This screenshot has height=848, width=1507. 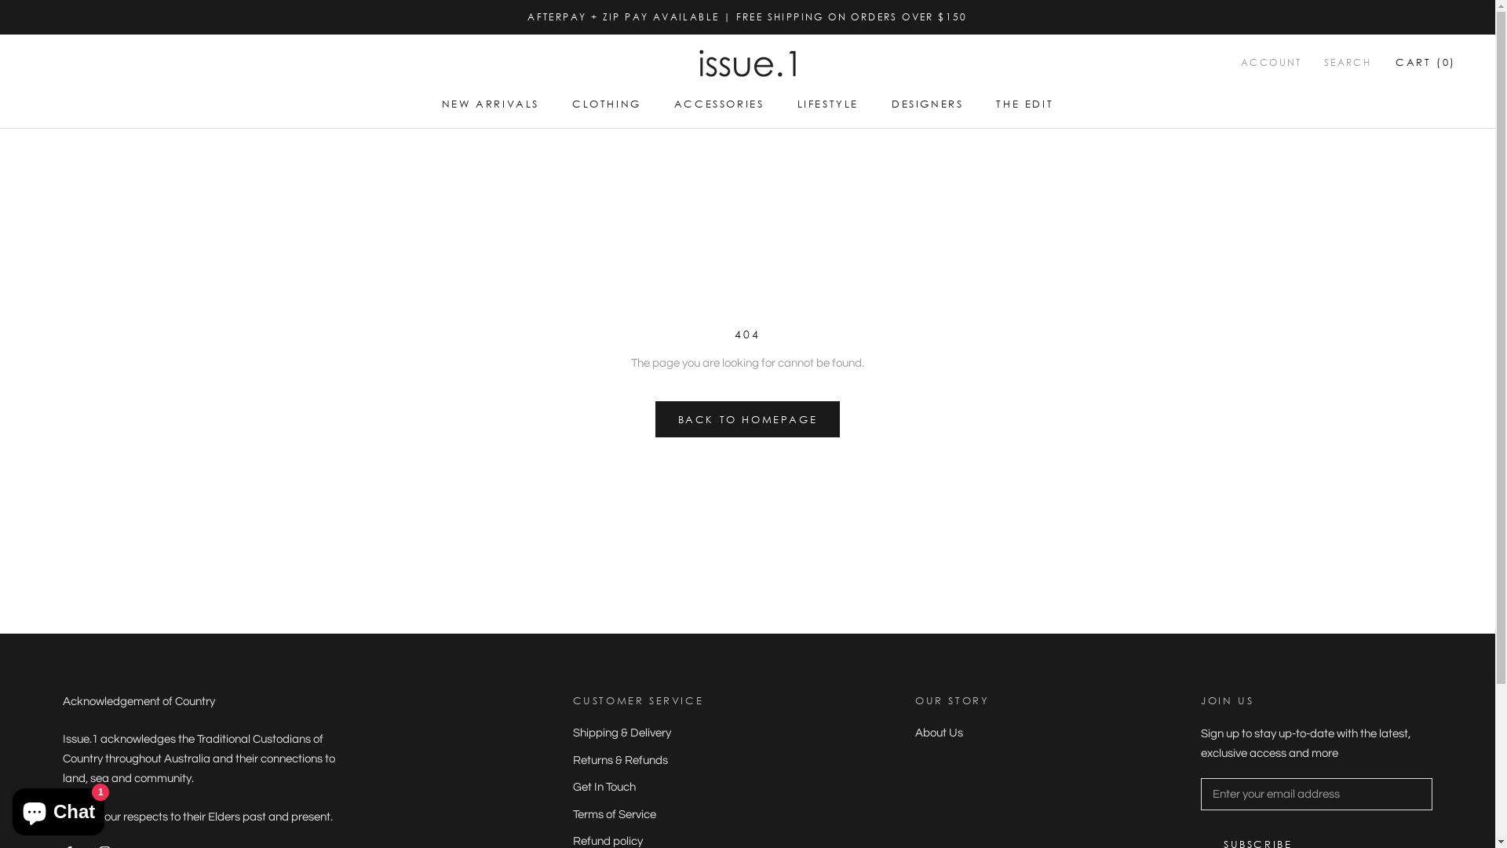 I want to click on 'CART (0)', so click(x=1395, y=60).